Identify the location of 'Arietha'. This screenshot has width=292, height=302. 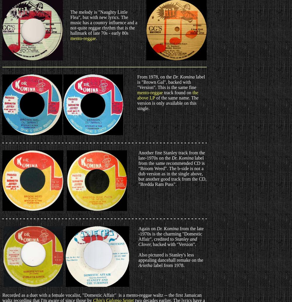
(138, 265).